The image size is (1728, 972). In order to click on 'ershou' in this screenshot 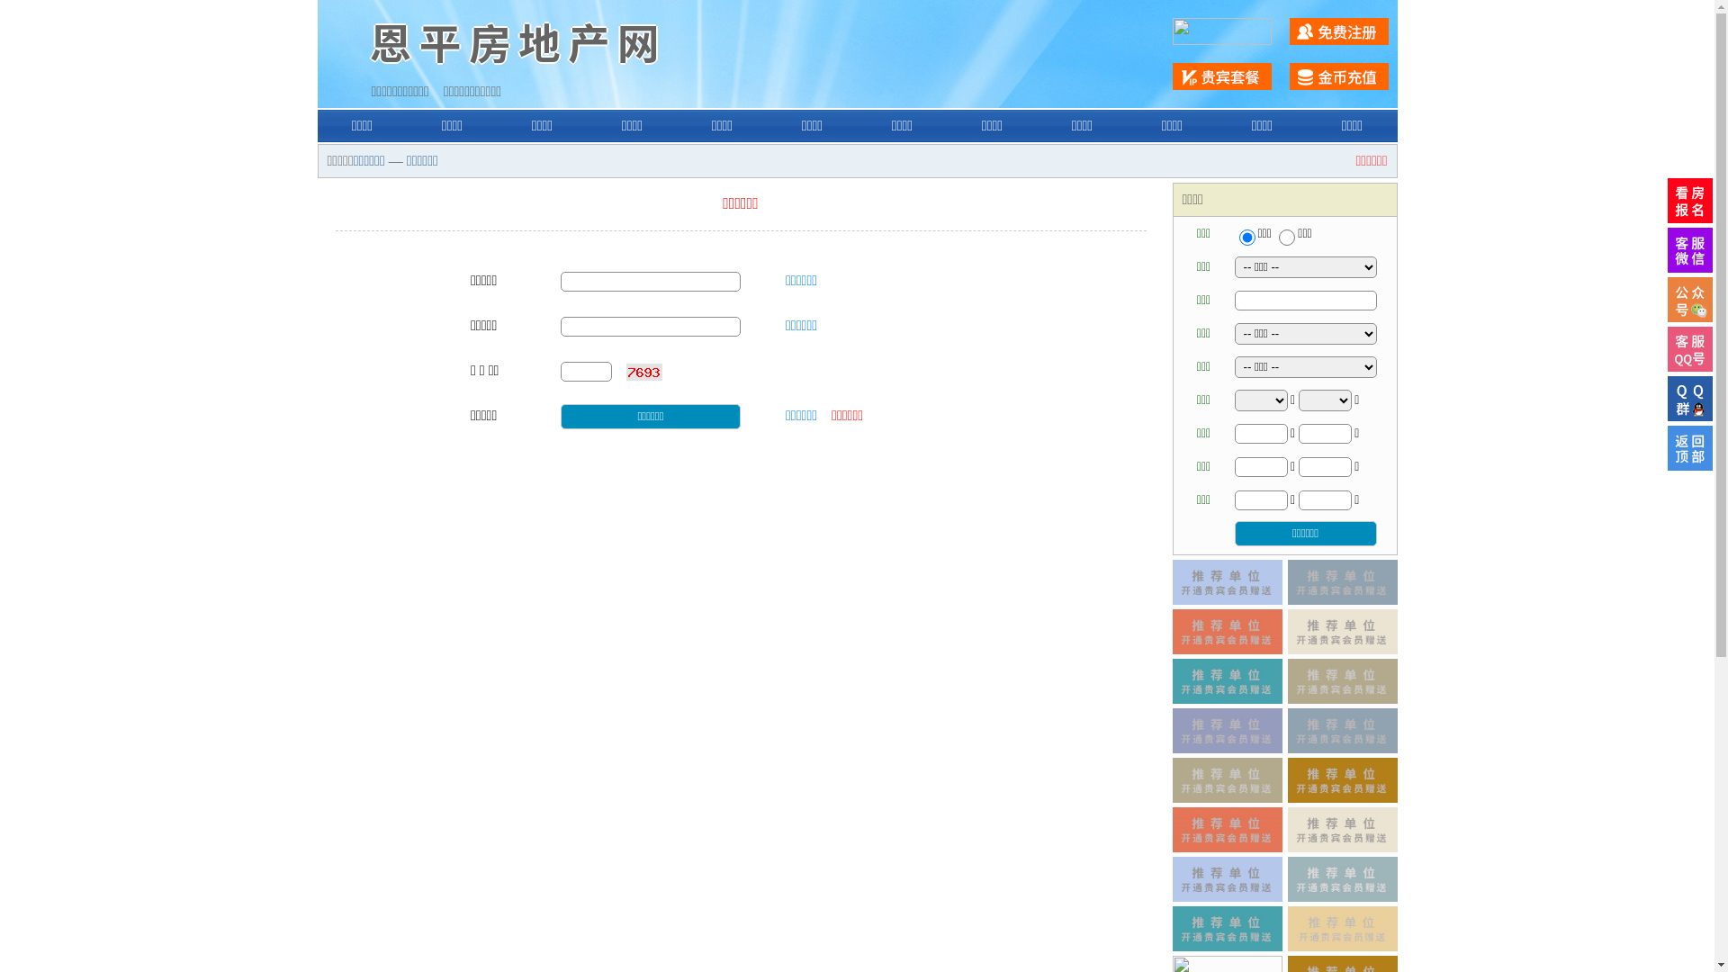, I will do `click(1246, 236)`.